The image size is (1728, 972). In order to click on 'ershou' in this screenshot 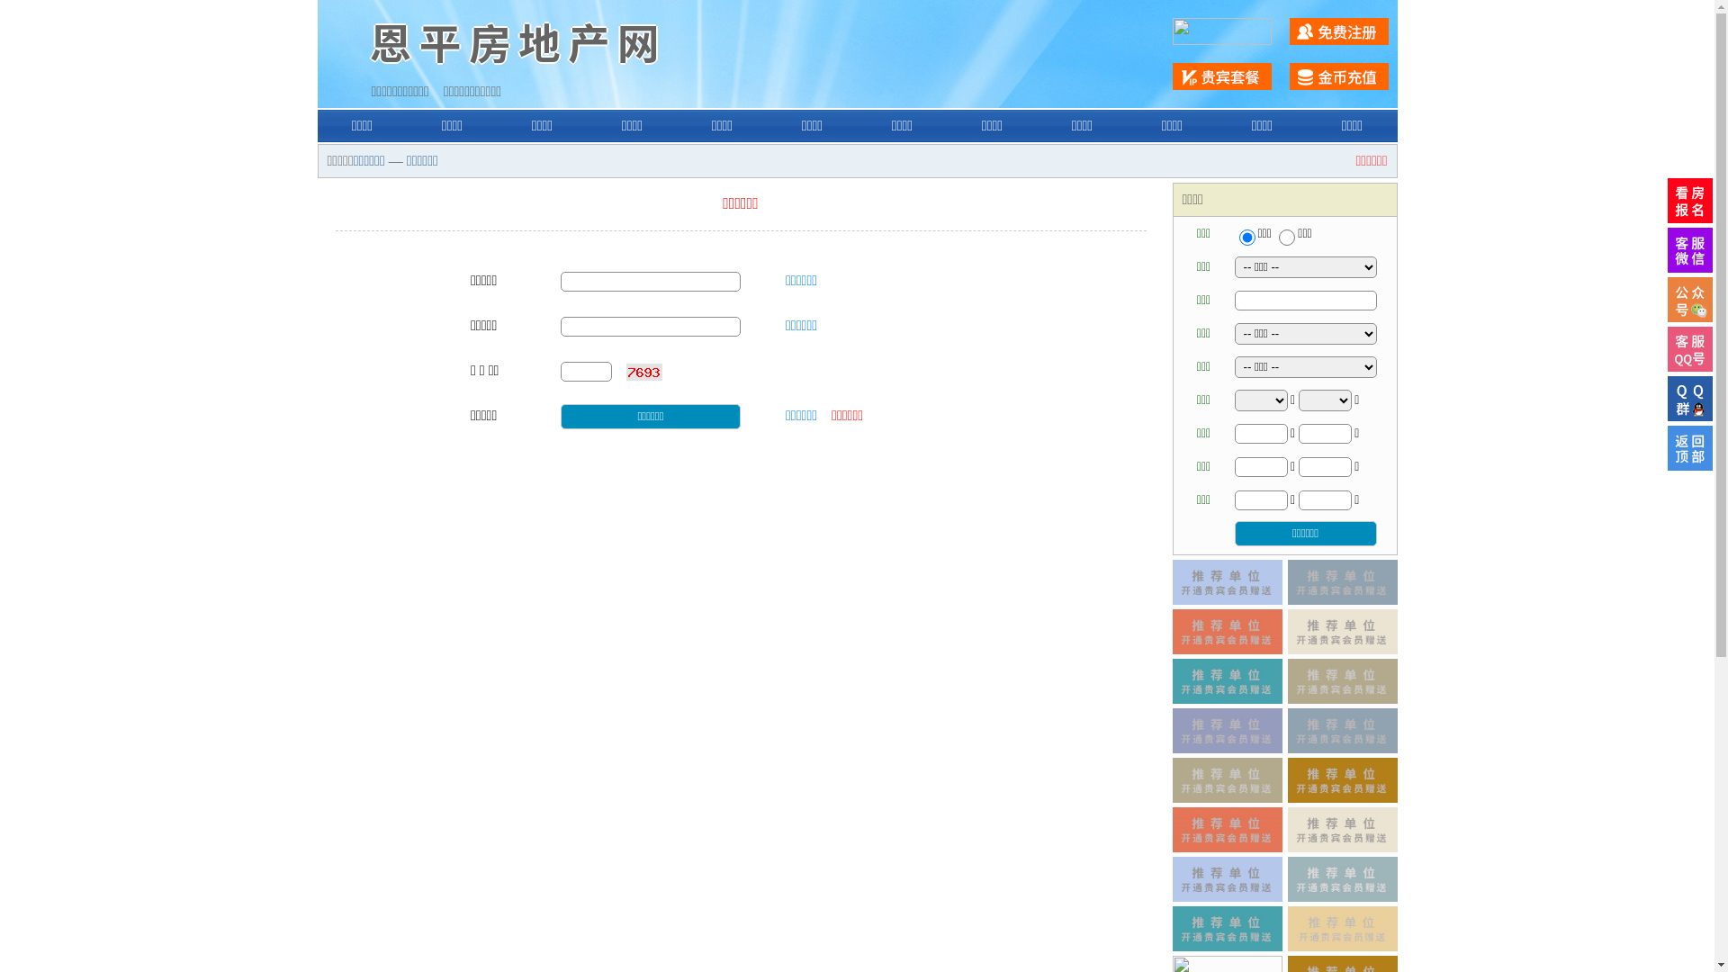, I will do `click(1246, 236)`.